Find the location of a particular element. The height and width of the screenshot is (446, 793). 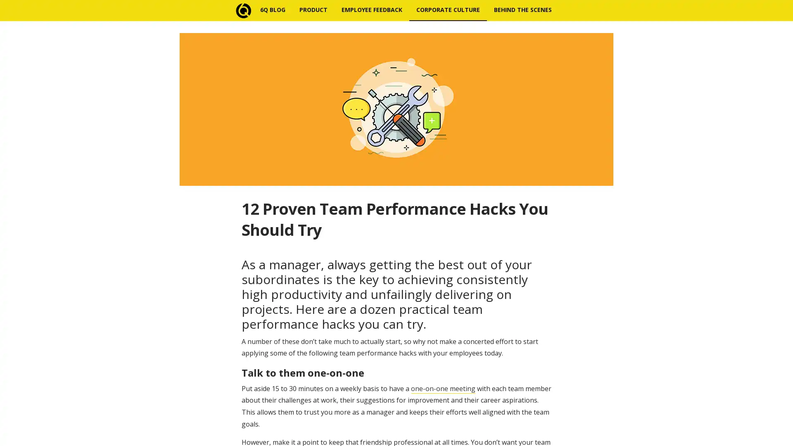

Subscribe is located at coordinates (487, 434).